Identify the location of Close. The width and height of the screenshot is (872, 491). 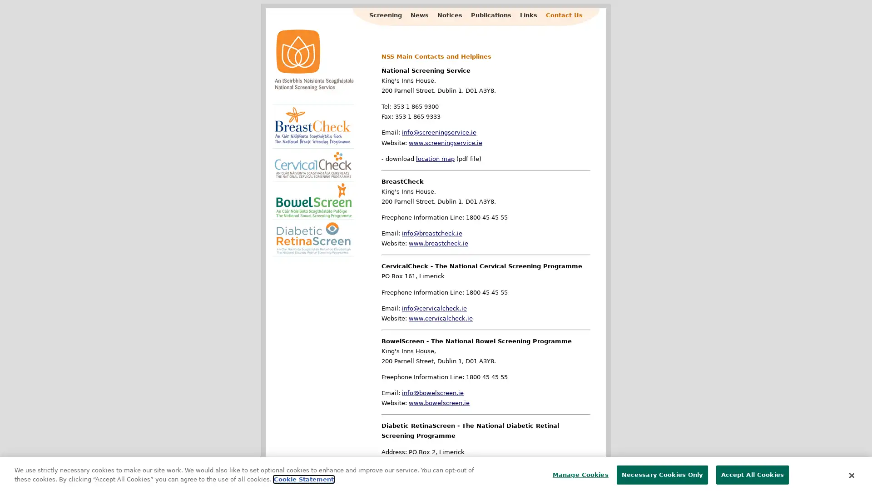
(851, 471).